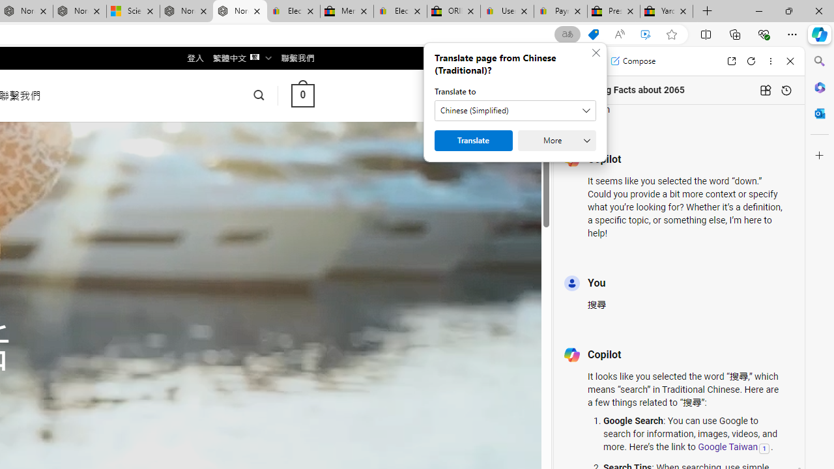 This screenshot has width=834, height=469. What do you see at coordinates (592, 34) in the screenshot?
I see `'This site has coupons! Shopping in Microsoft Edge'` at bounding box center [592, 34].